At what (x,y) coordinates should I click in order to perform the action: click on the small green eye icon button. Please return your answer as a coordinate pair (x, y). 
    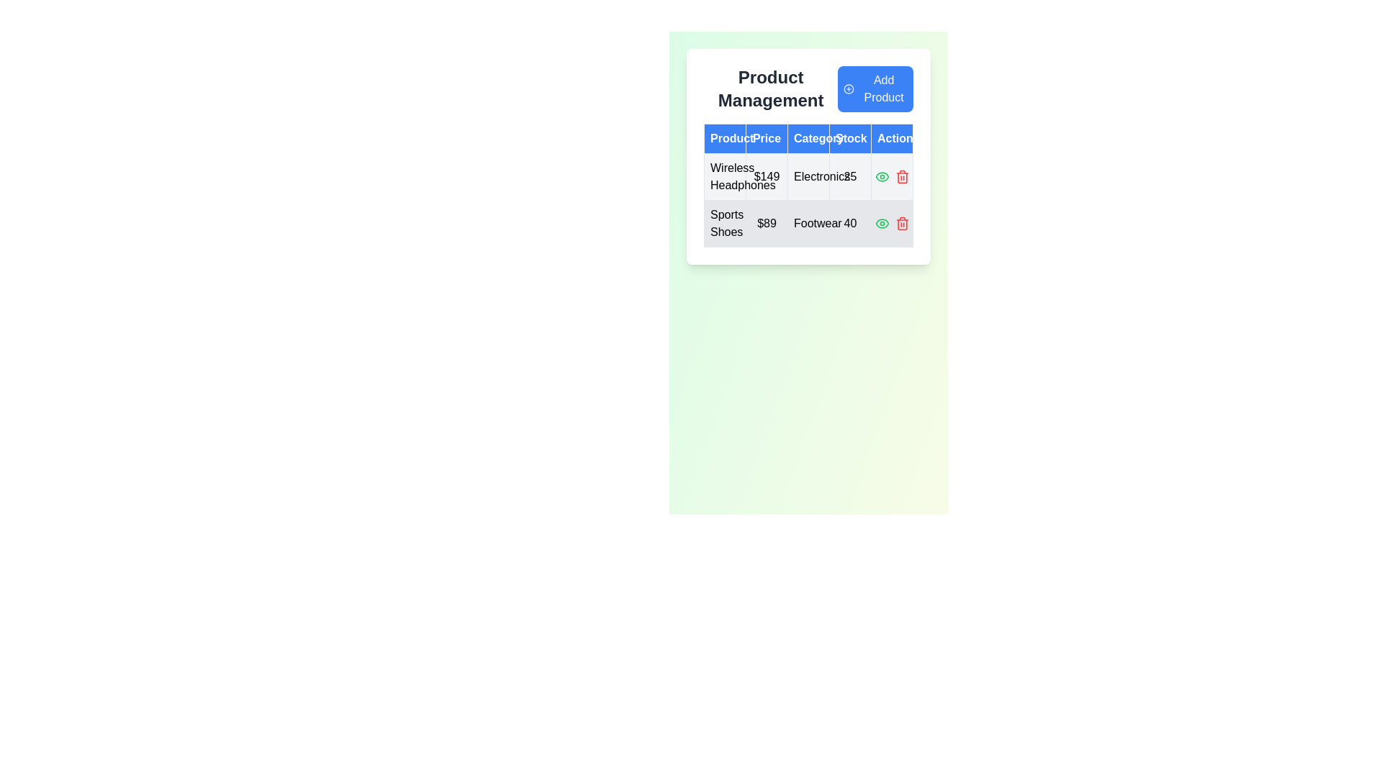
    Looking at the image, I should click on (881, 176).